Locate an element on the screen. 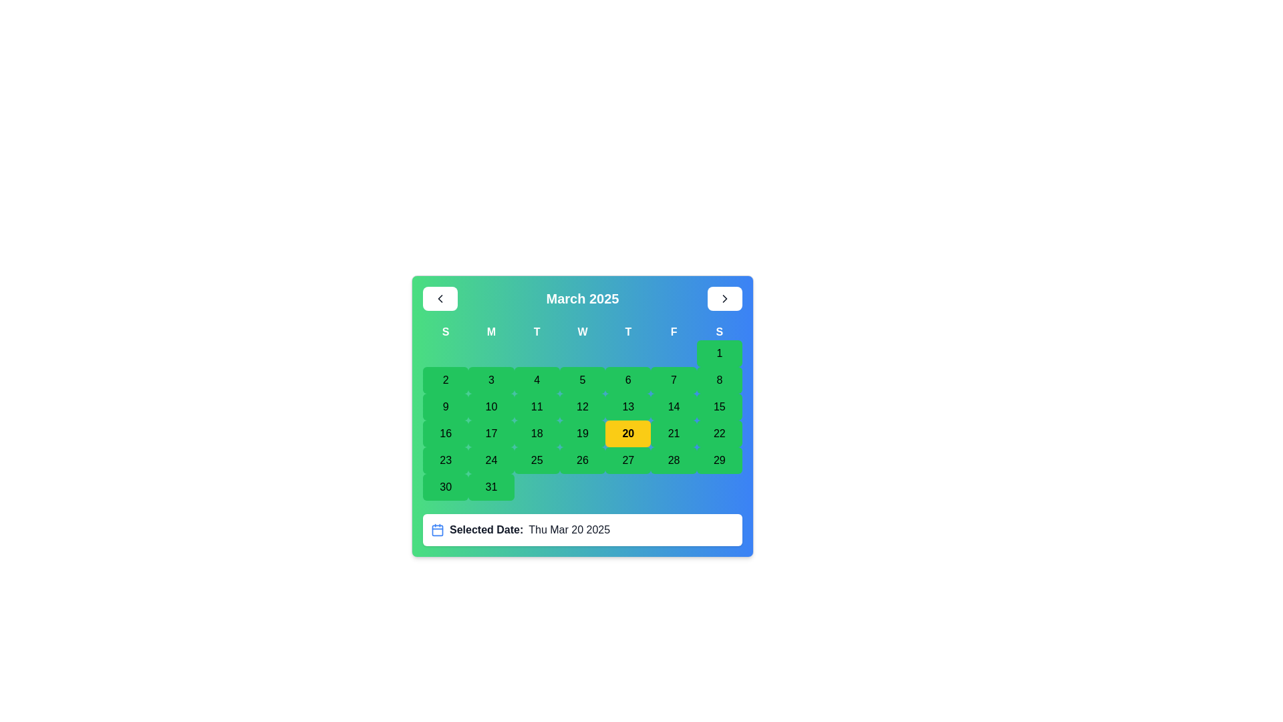  the Calendar date picker is located at coordinates (583, 416).